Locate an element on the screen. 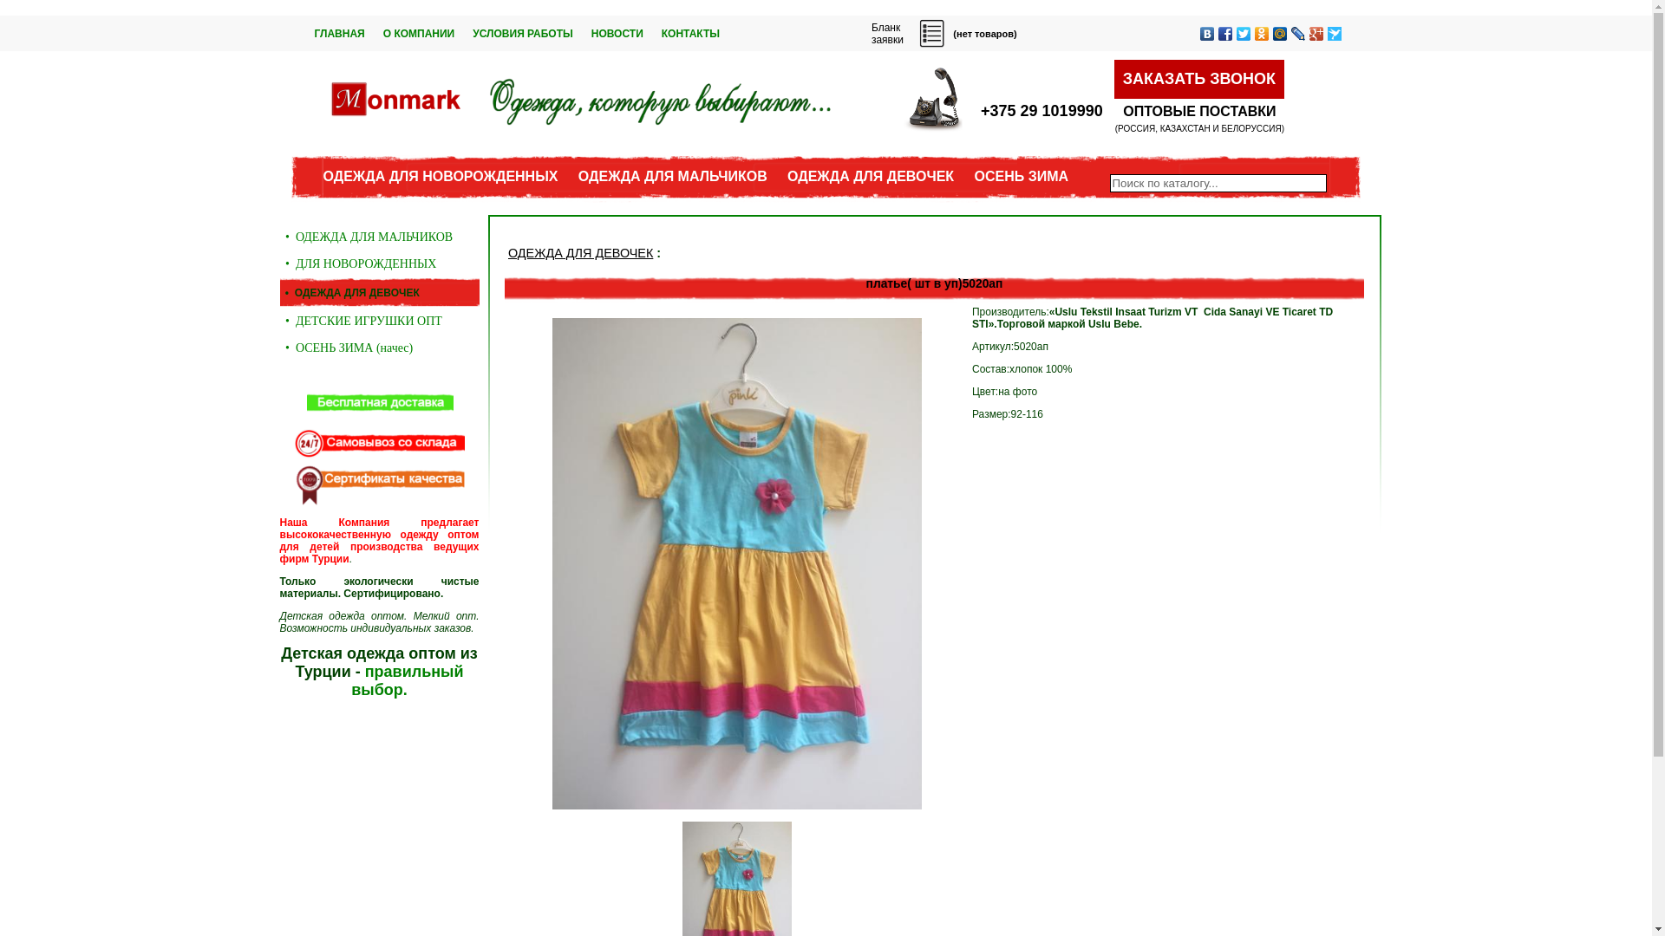 Image resolution: width=1665 pixels, height=936 pixels. 'Facebook' is located at coordinates (1224, 33).